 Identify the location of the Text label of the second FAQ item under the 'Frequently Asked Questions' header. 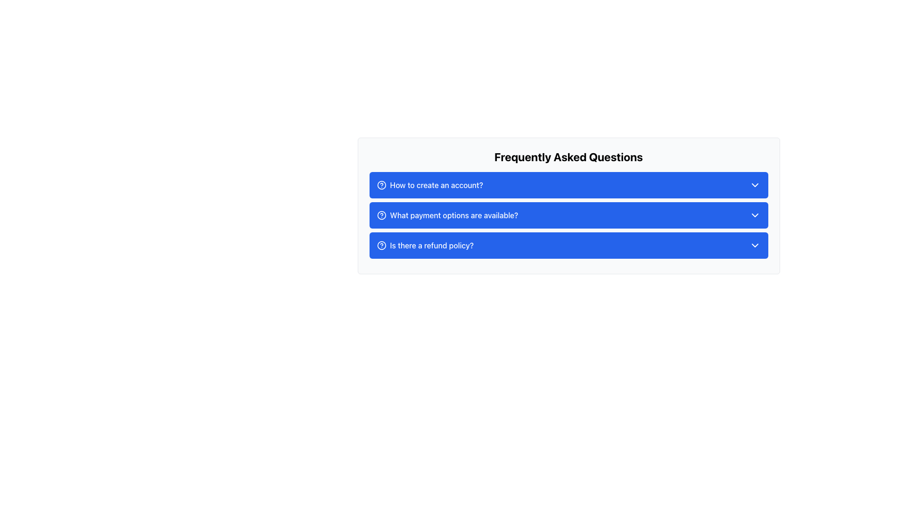
(454, 215).